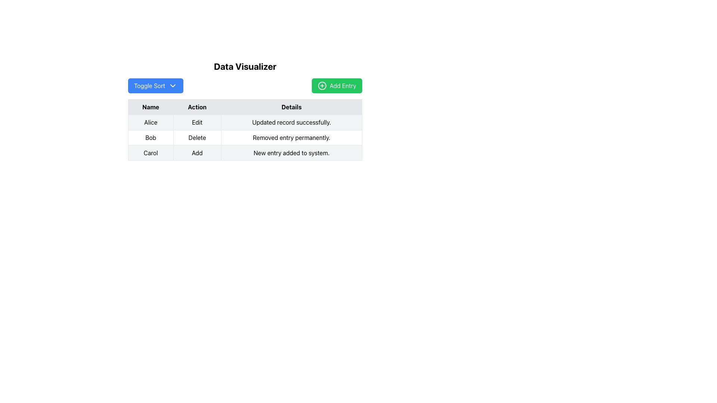  I want to click on the Table Cell that displays a user or entity name, located in the first row and first column of the table, which is non-interactive and serves as a label, so click(150, 122).